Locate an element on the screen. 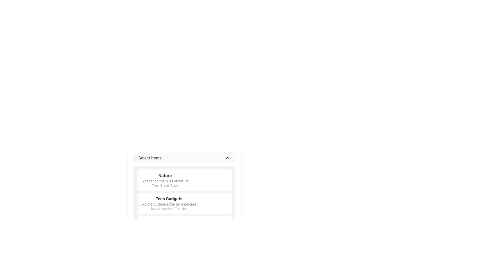  the static text element that provides a brief summary about 'Tech Gadgets', positioned vertically below the main title and above the tags is located at coordinates (169, 204).